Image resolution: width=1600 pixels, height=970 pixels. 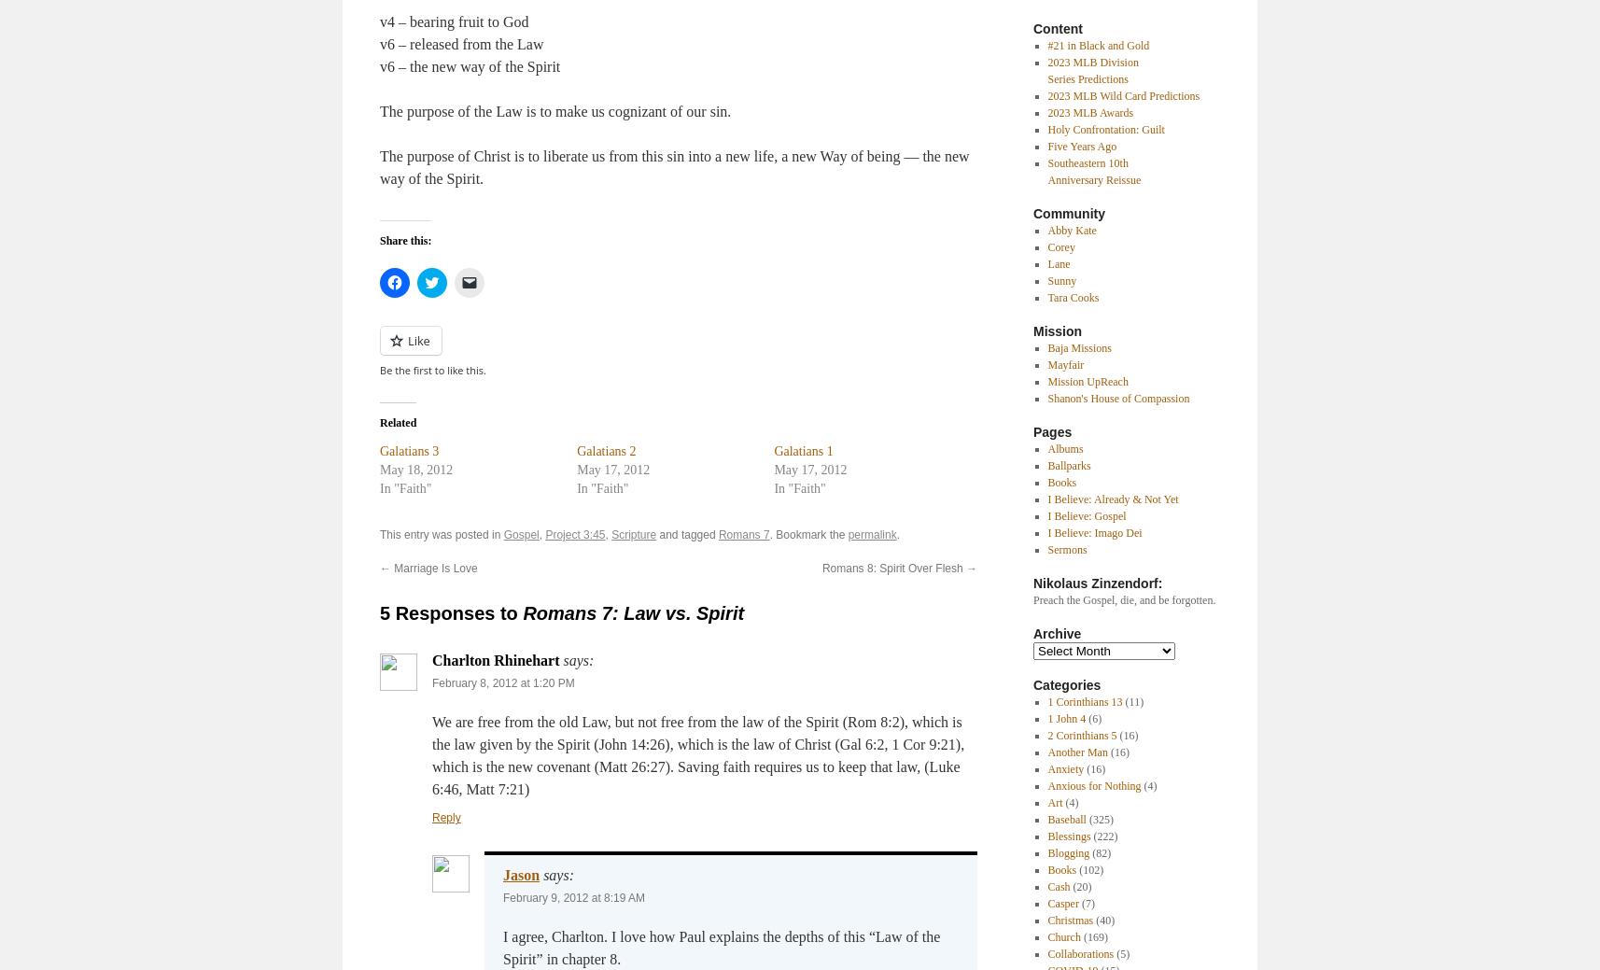 I want to click on 'This entry was posted in', so click(x=442, y=535).